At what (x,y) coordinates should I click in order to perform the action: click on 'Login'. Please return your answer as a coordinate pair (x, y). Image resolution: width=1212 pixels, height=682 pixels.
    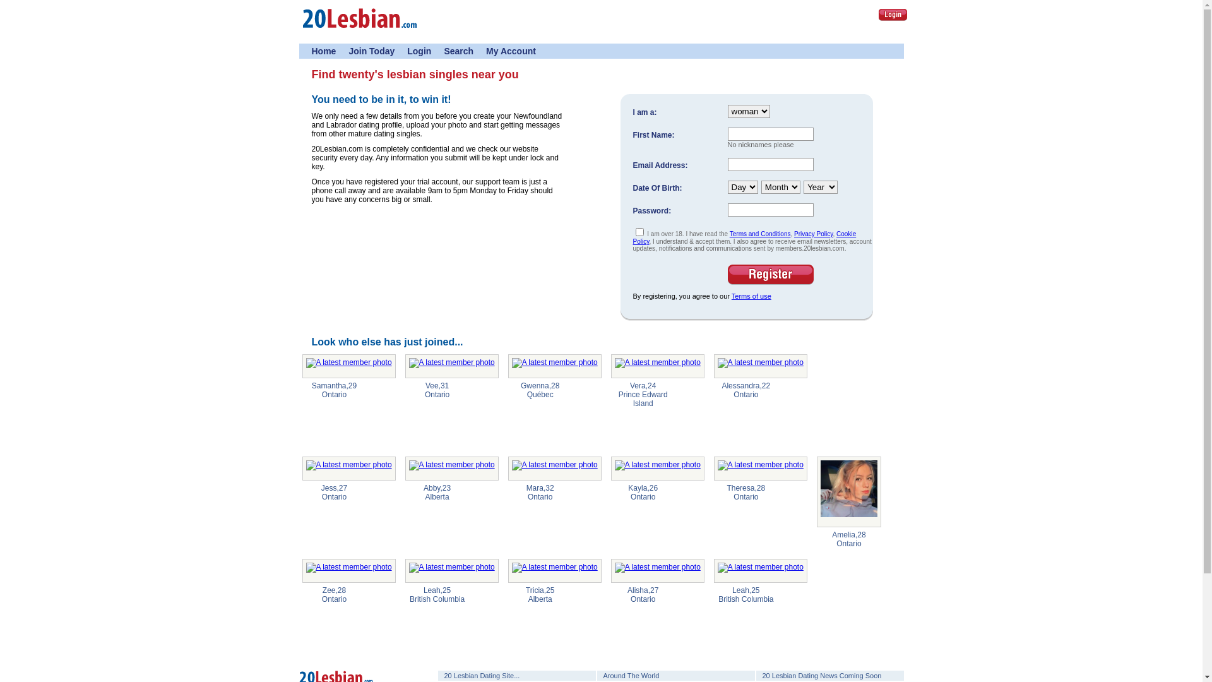
    Looking at the image, I should click on (892, 15).